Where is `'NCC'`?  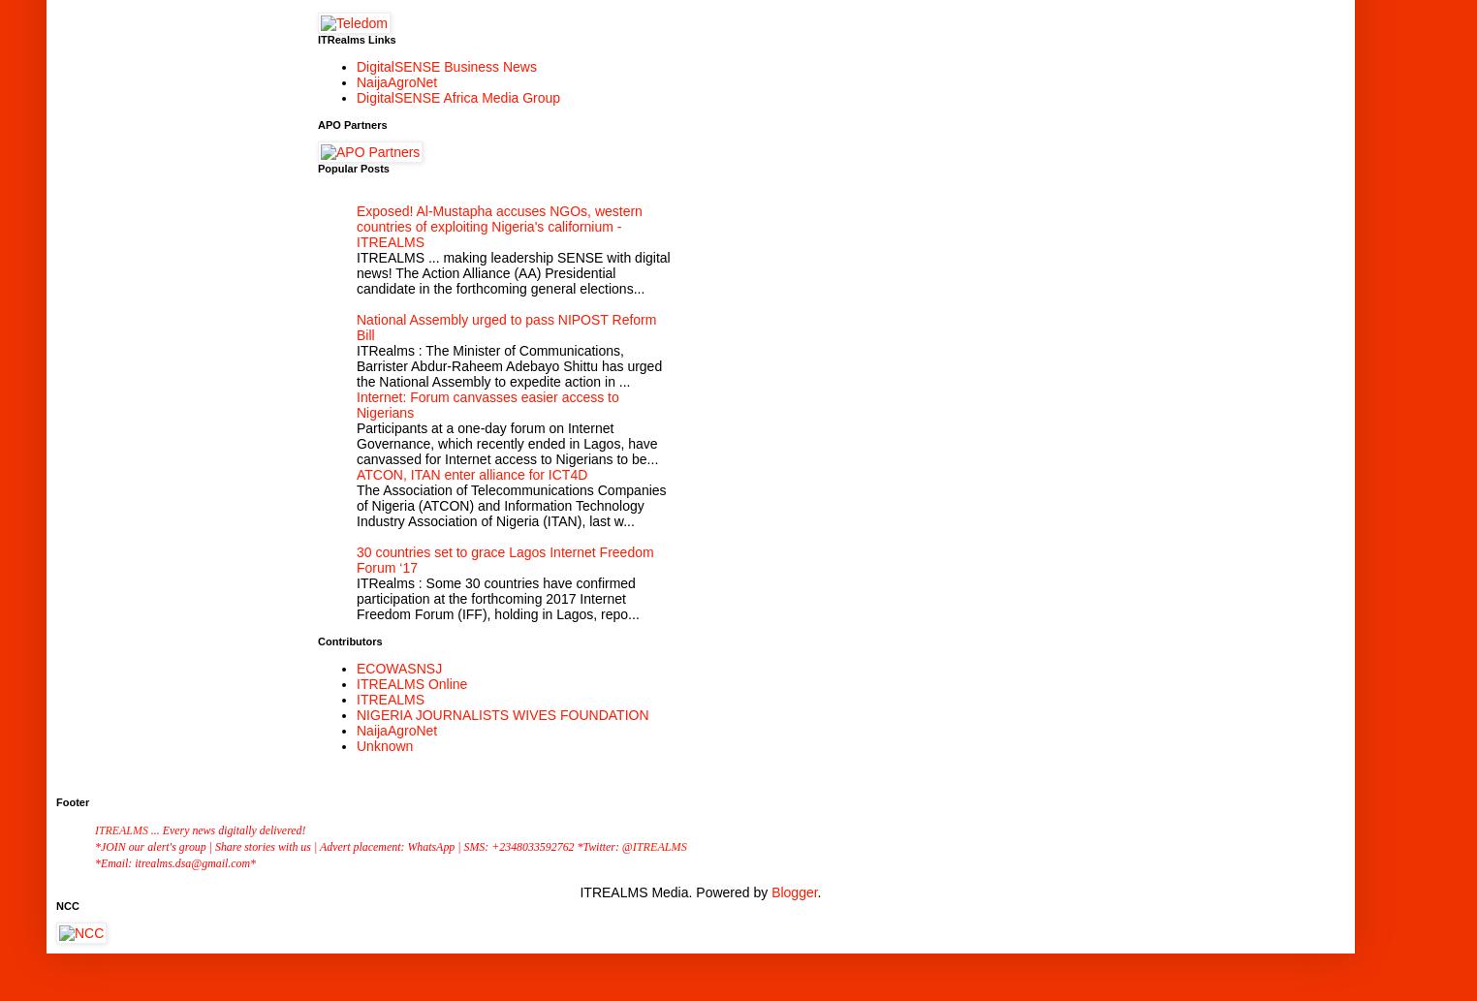 'NCC' is located at coordinates (67, 904).